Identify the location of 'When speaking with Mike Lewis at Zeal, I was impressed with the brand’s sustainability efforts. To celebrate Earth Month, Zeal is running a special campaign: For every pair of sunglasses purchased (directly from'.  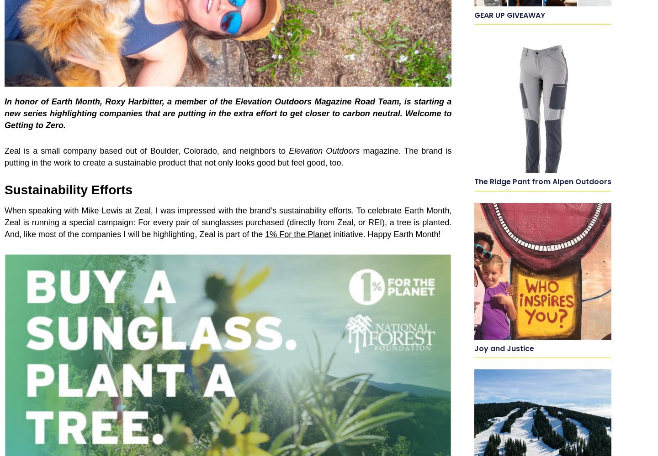
(227, 216).